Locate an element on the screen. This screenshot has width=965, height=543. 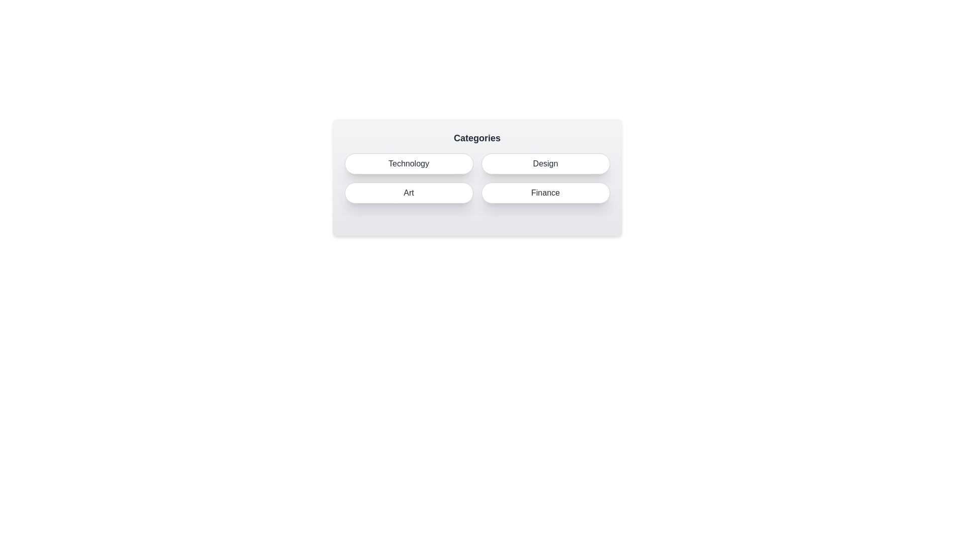
the Technology button to select it is located at coordinates (409, 163).